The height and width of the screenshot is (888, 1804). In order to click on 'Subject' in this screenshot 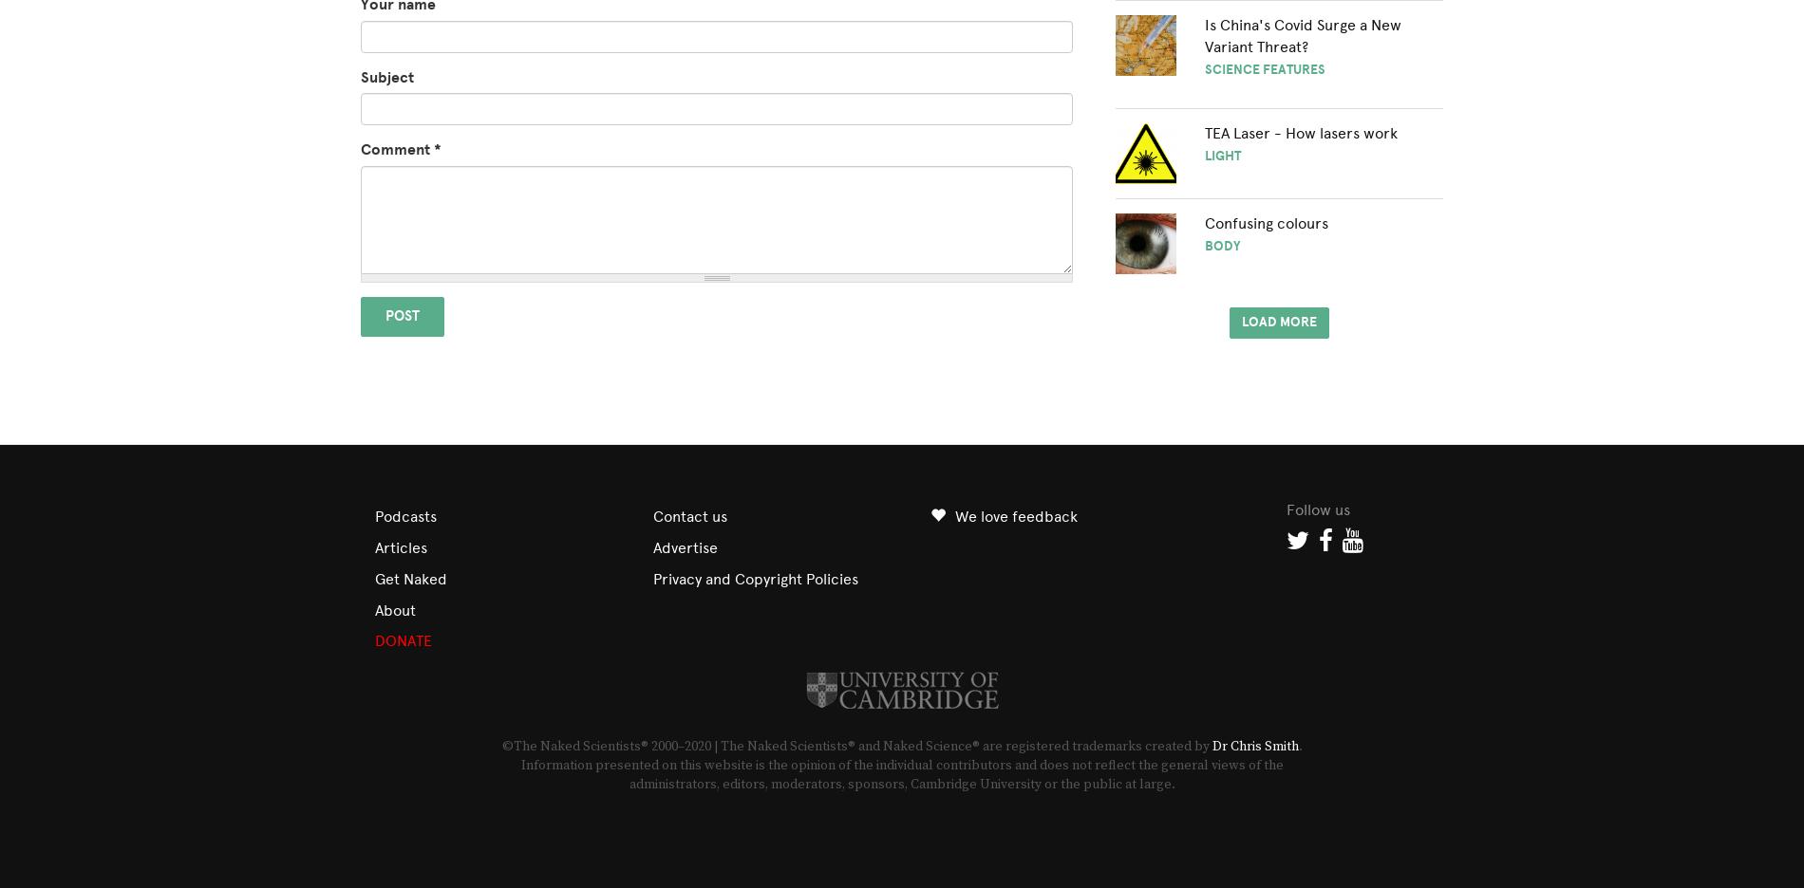, I will do `click(385, 75)`.